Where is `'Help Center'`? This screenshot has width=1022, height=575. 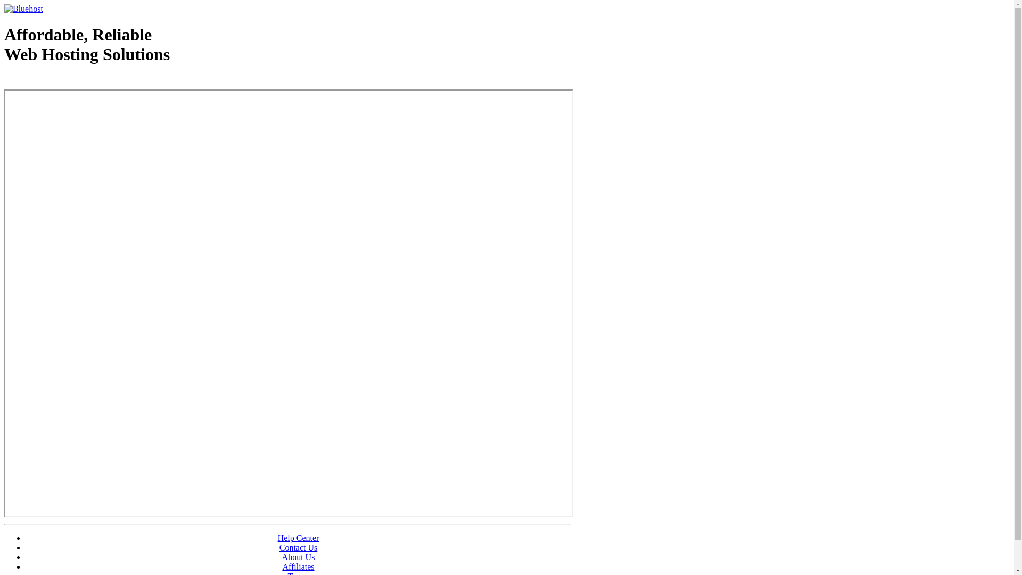 'Help Center' is located at coordinates (298, 538).